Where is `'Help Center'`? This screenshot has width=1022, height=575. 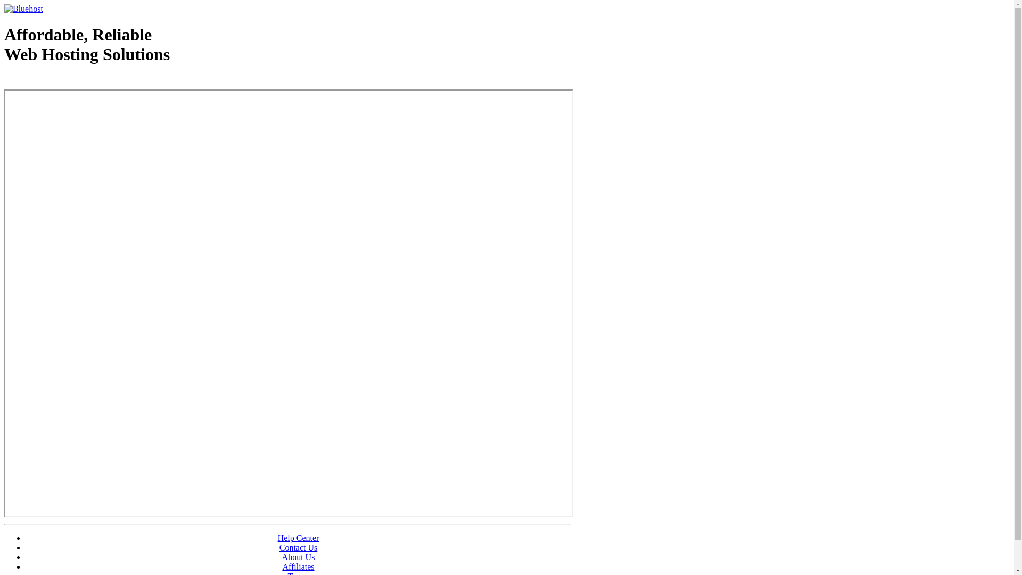 'Help Center' is located at coordinates (298, 538).